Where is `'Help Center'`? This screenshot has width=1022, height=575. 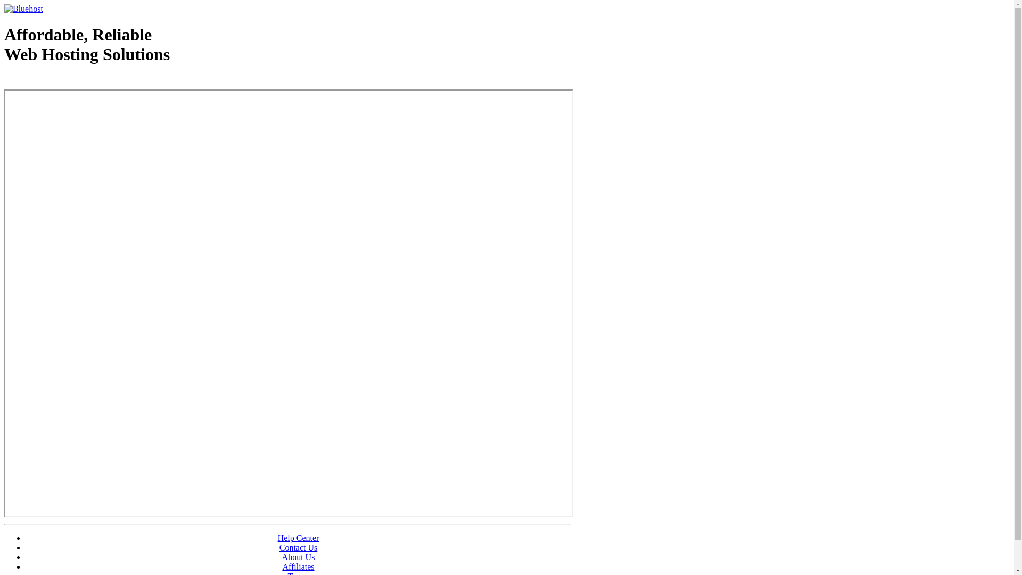 'Help Center' is located at coordinates (298, 538).